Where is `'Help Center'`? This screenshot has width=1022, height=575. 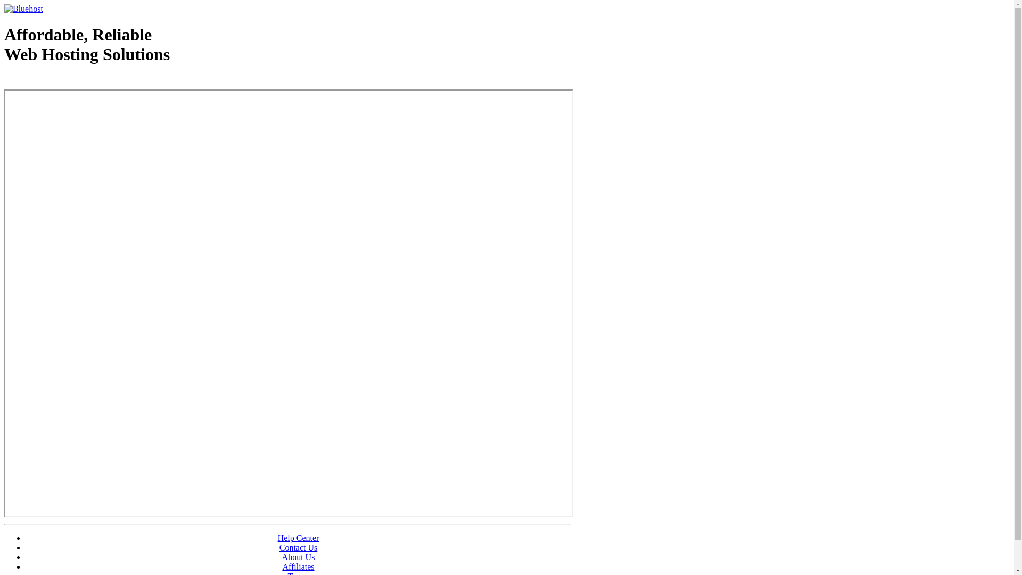 'Help Center' is located at coordinates (298, 538).